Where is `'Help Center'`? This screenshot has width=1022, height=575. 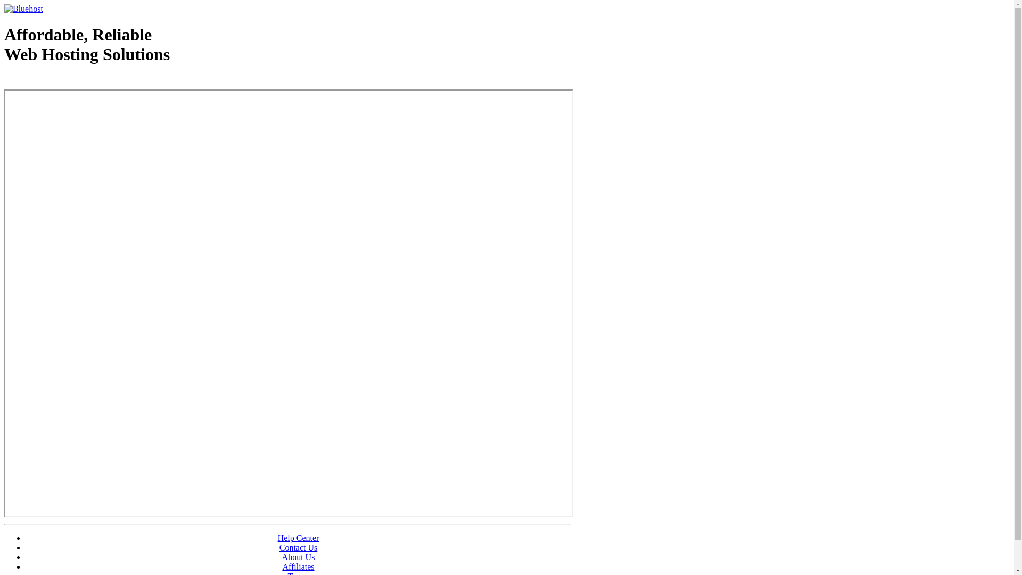 'Help Center' is located at coordinates (298, 538).